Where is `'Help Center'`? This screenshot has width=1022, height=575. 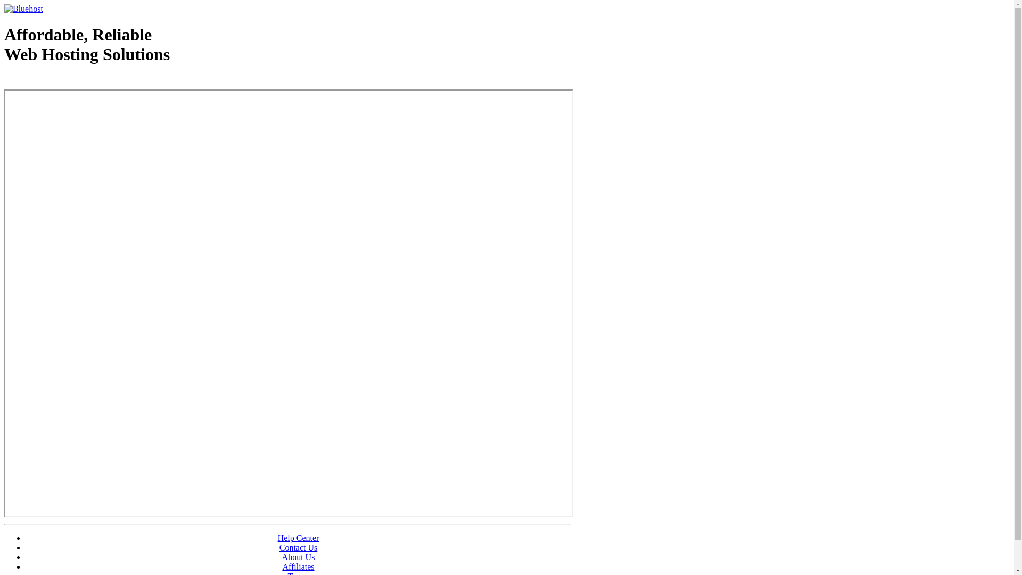 'Help Center' is located at coordinates (298, 538).